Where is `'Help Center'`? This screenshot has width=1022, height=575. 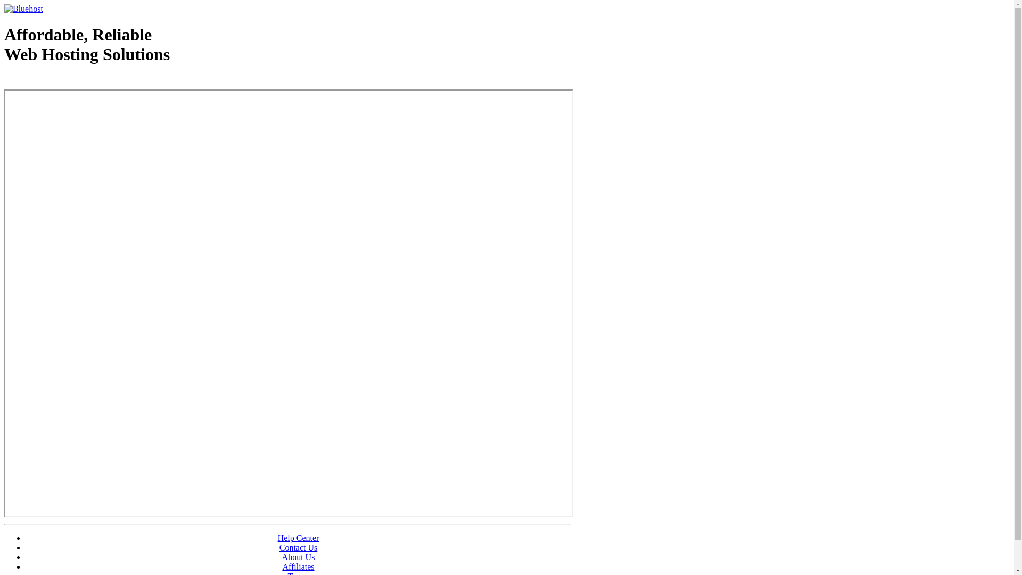 'Help Center' is located at coordinates (298, 538).